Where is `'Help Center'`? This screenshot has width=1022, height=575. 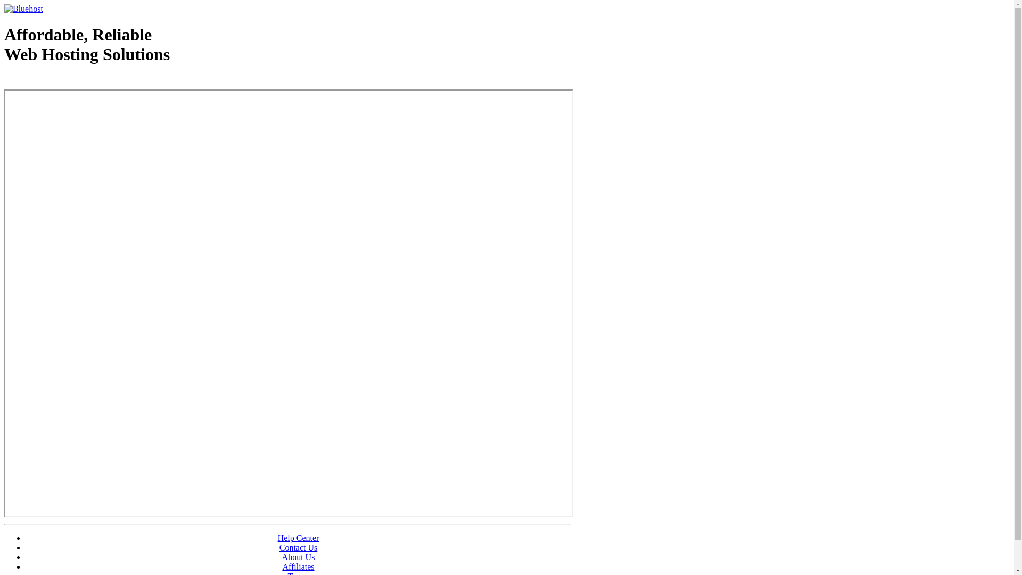 'Help Center' is located at coordinates (298, 538).